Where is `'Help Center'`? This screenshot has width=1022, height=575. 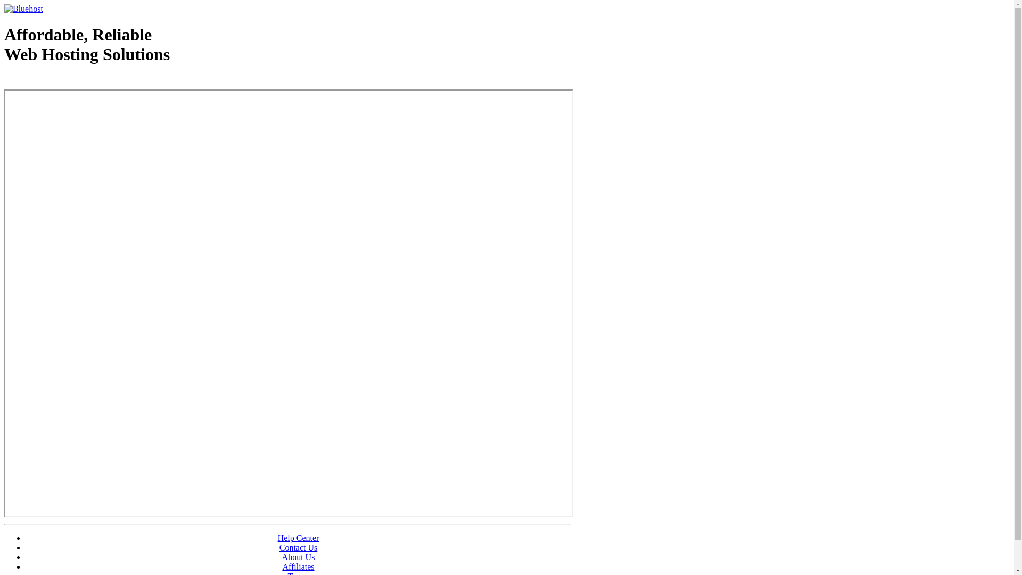 'Help Center' is located at coordinates (298, 538).